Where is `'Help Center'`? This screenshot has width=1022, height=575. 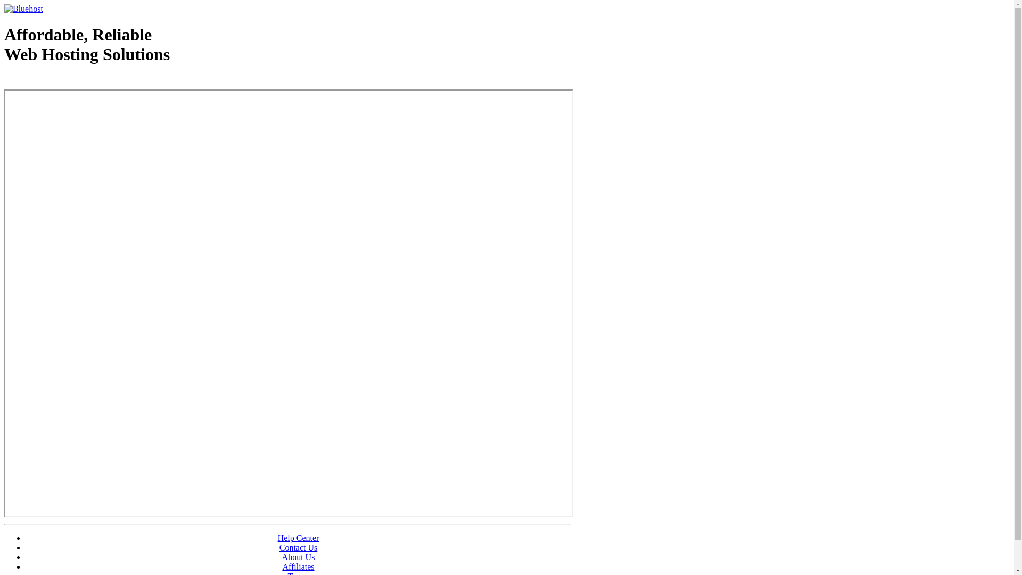 'Help Center' is located at coordinates (298, 538).